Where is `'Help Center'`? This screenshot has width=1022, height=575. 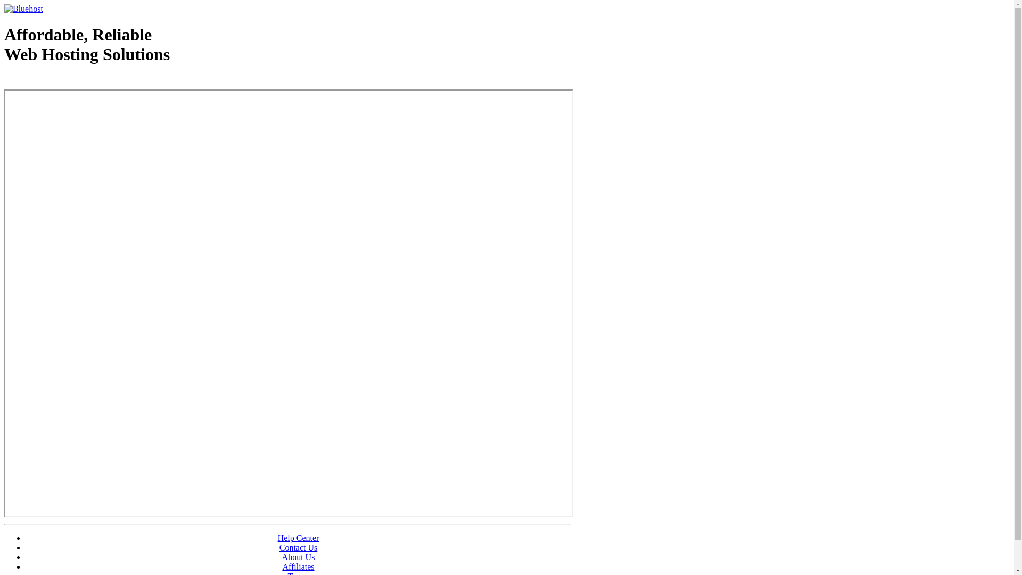 'Help Center' is located at coordinates (298, 538).